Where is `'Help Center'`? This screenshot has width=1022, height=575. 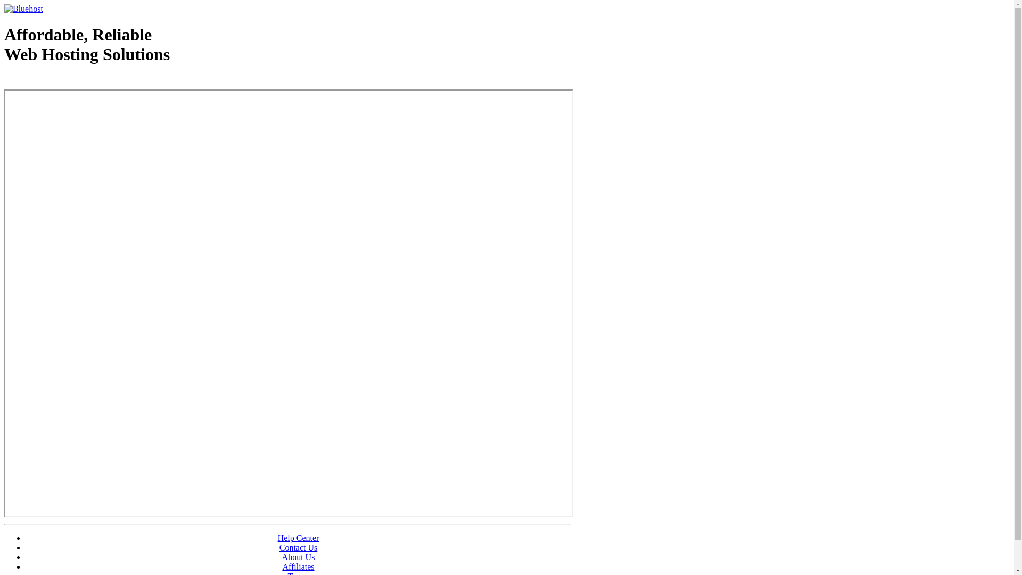 'Help Center' is located at coordinates (298, 538).